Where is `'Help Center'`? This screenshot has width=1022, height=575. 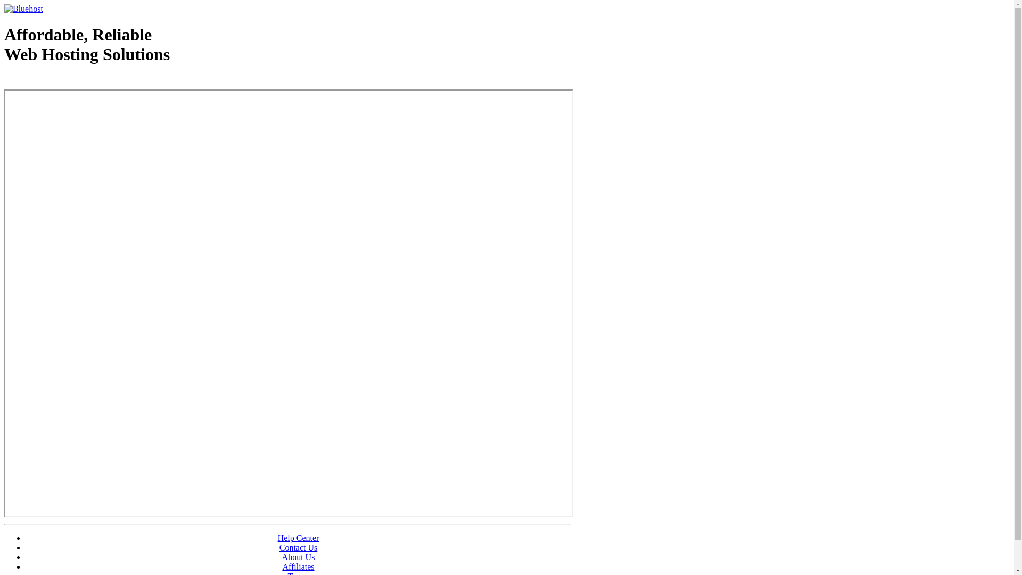 'Help Center' is located at coordinates (298, 538).